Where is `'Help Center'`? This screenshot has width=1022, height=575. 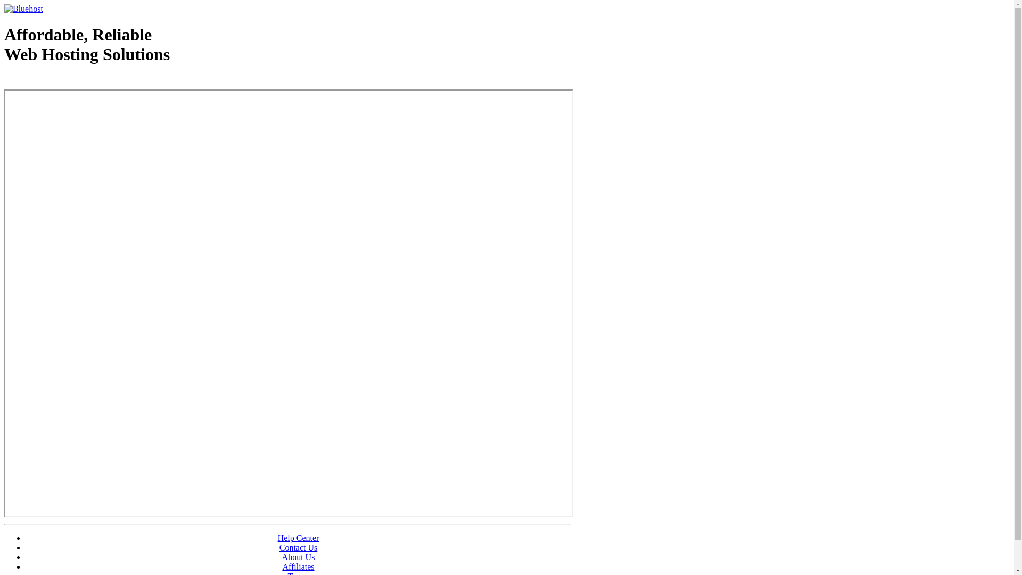 'Help Center' is located at coordinates (298, 538).